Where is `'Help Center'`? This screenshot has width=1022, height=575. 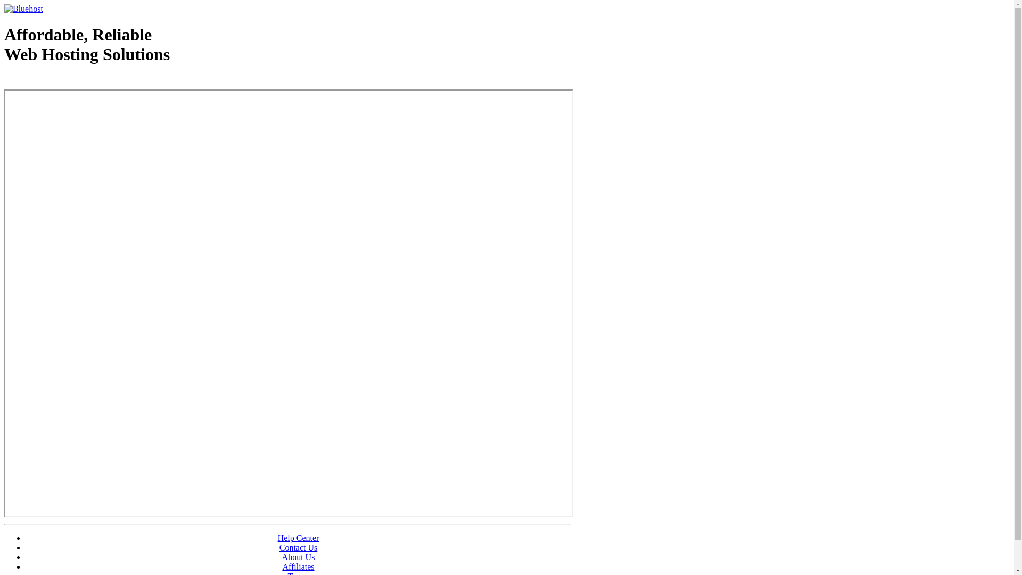 'Help Center' is located at coordinates (298, 538).